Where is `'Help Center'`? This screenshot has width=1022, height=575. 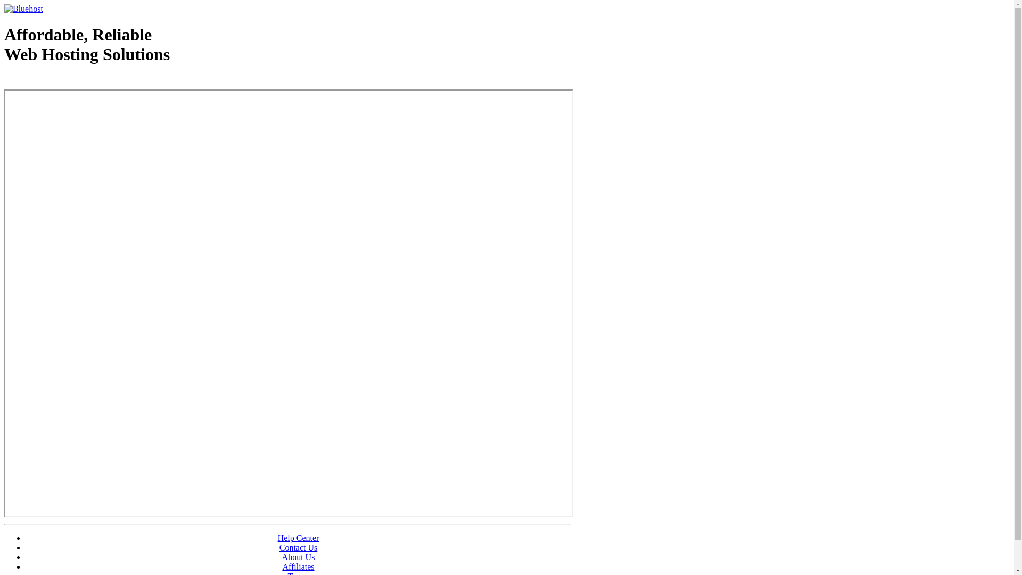 'Help Center' is located at coordinates (298, 538).